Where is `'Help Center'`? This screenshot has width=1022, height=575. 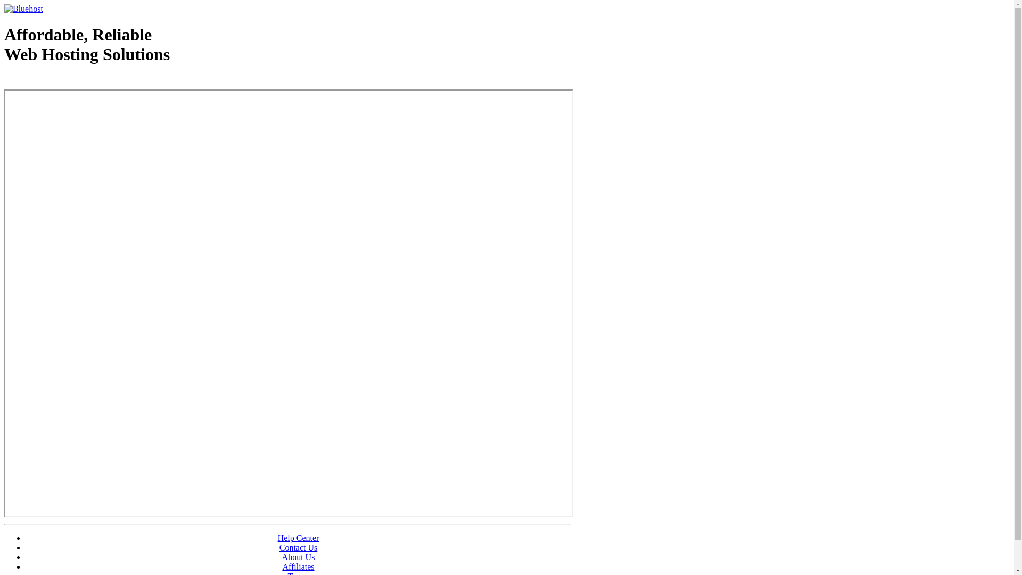 'Help Center' is located at coordinates (298, 538).